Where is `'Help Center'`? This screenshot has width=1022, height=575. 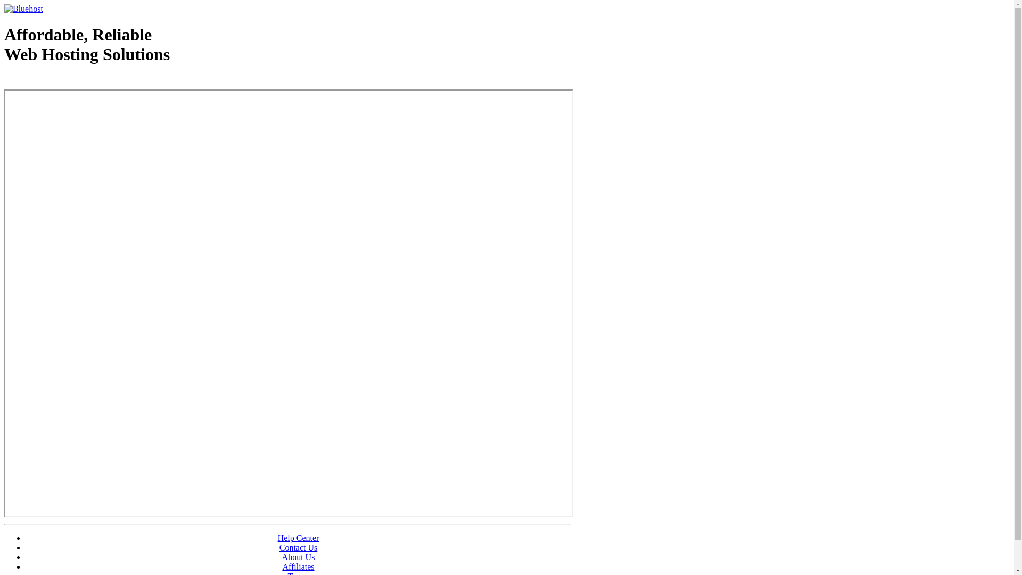 'Help Center' is located at coordinates (298, 538).